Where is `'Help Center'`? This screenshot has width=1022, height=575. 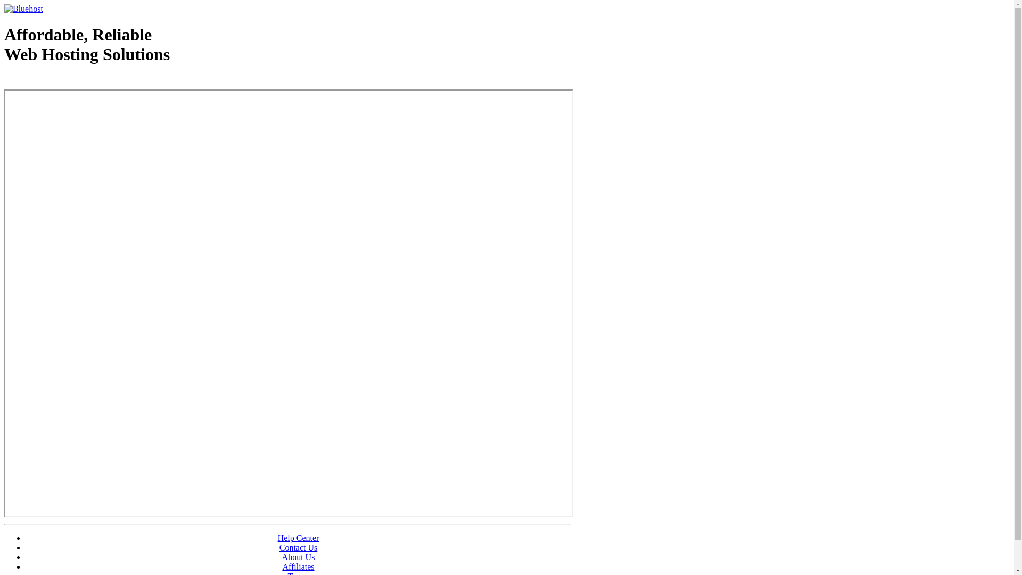 'Help Center' is located at coordinates (298, 538).